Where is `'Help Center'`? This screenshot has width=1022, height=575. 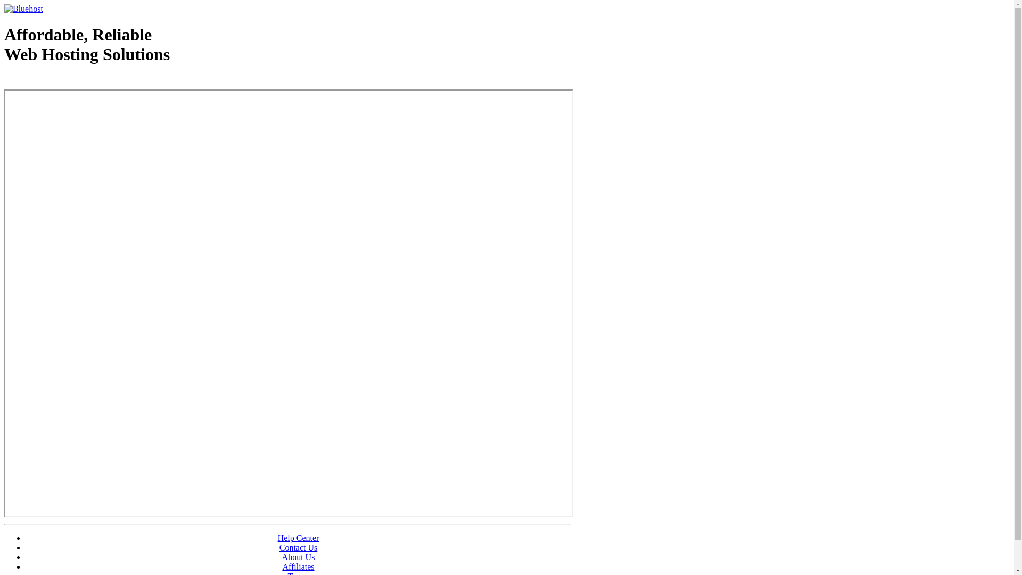 'Help Center' is located at coordinates (298, 538).